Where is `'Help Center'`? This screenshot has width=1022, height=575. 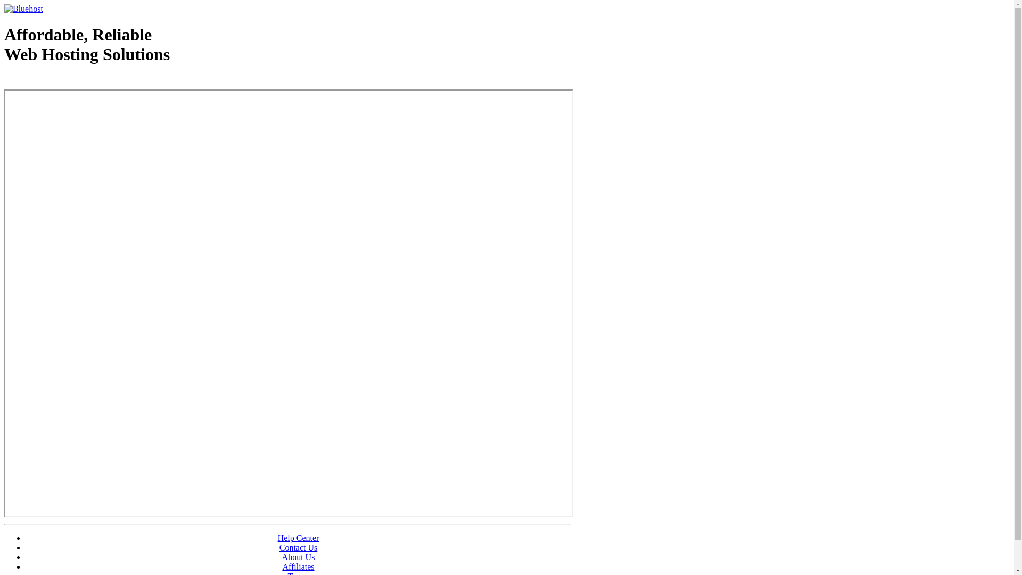 'Help Center' is located at coordinates (298, 538).